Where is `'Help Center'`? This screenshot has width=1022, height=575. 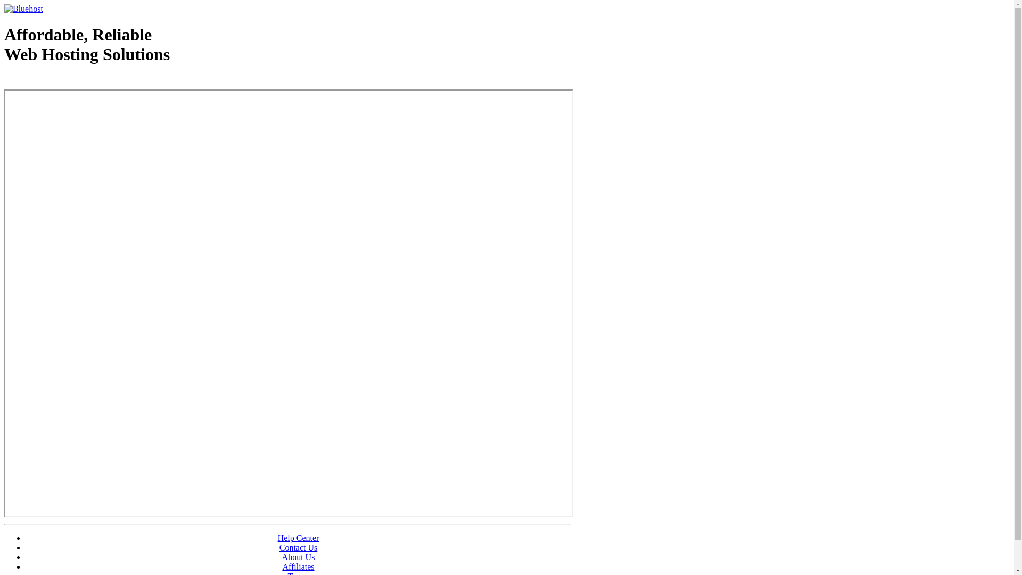 'Help Center' is located at coordinates (298, 538).